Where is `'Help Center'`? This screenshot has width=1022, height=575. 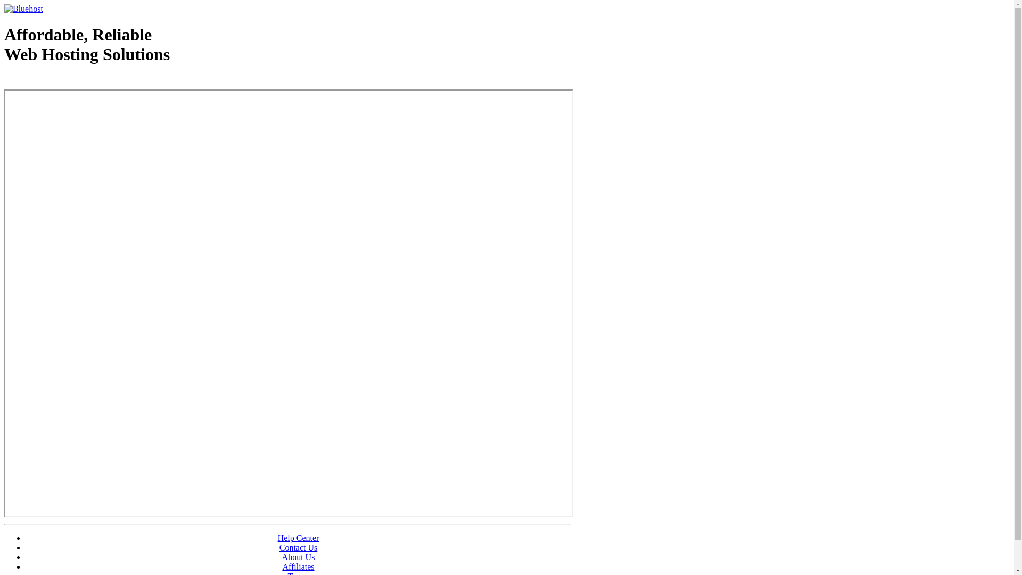 'Help Center' is located at coordinates (298, 538).